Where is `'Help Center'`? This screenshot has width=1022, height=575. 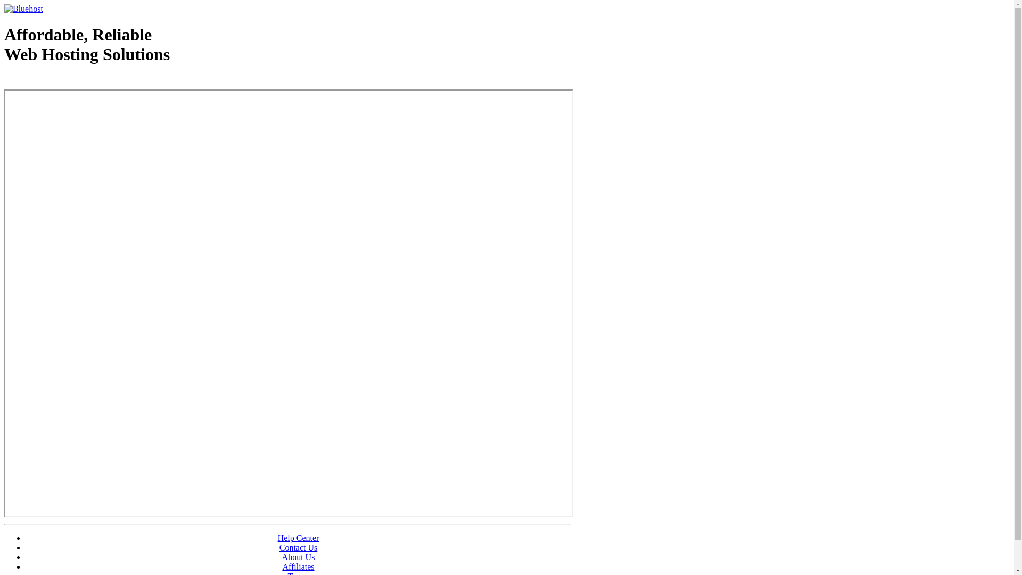 'Help Center' is located at coordinates (298, 538).